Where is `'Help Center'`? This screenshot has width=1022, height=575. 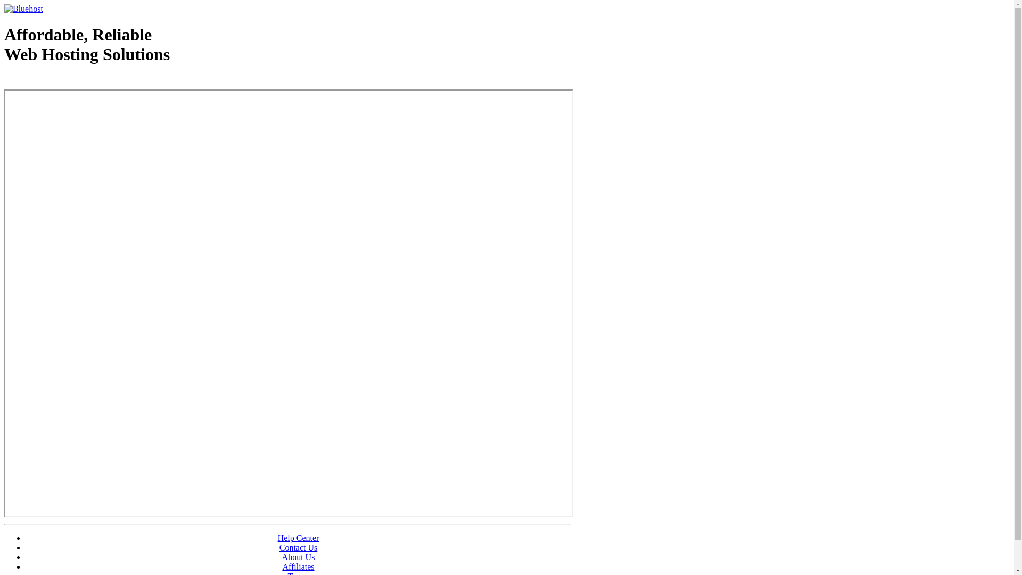 'Help Center' is located at coordinates (298, 538).